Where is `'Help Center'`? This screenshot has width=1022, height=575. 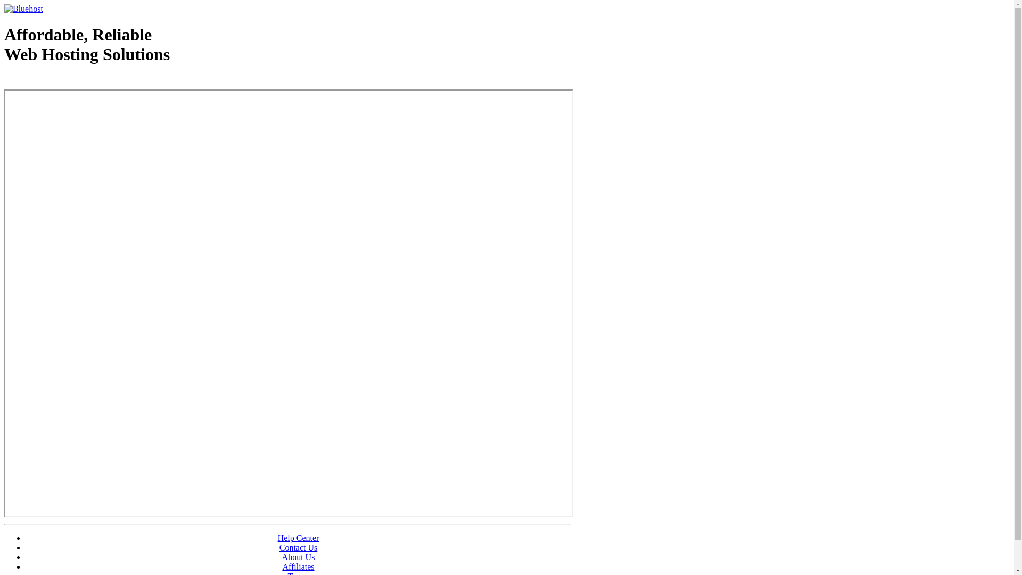 'Help Center' is located at coordinates (298, 538).